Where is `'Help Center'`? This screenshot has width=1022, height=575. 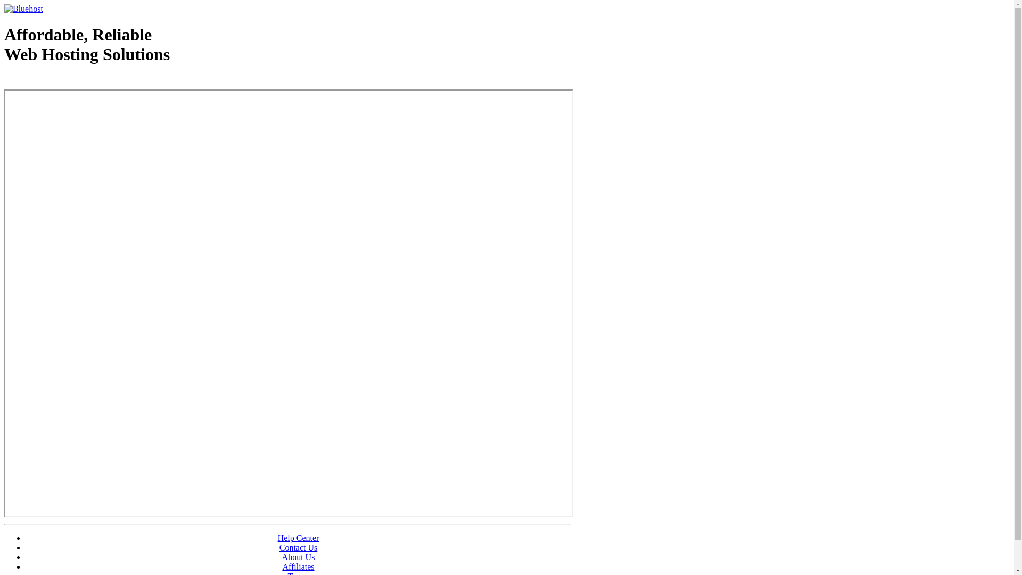 'Help Center' is located at coordinates (298, 538).